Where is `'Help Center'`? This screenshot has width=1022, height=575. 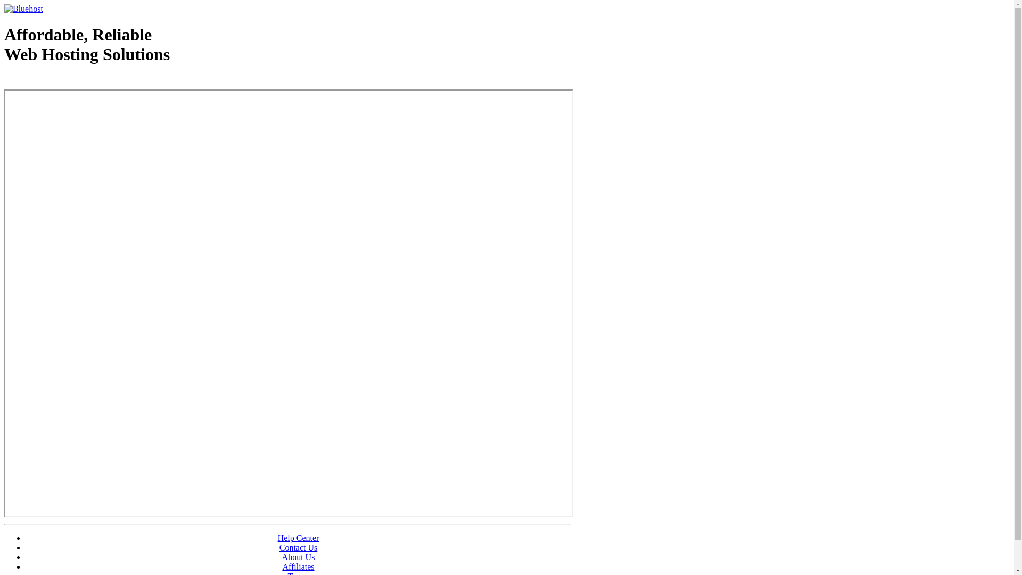 'Help Center' is located at coordinates (298, 538).